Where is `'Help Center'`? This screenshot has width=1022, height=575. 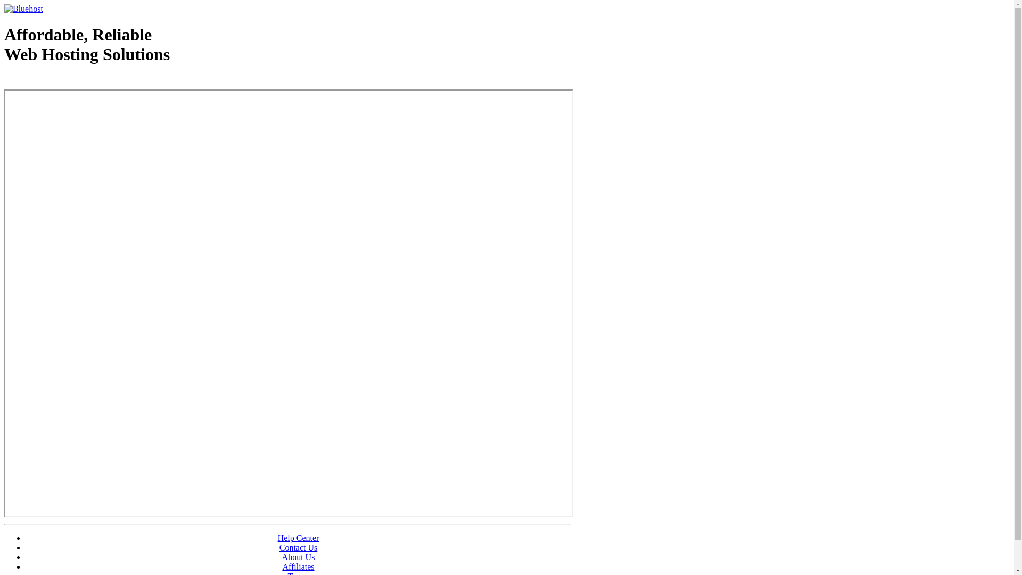 'Help Center' is located at coordinates (298, 538).